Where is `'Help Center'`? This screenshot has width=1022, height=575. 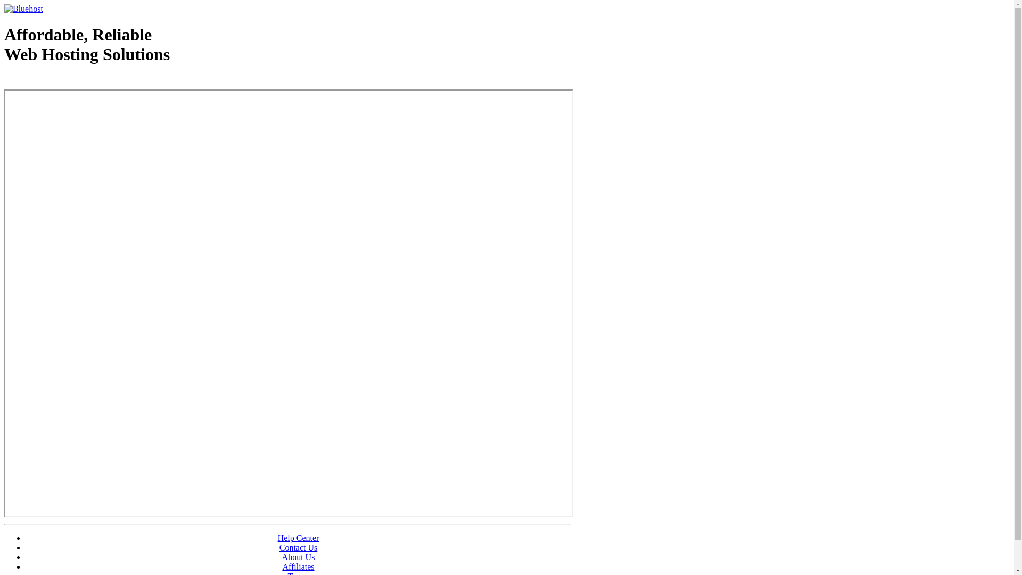 'Help Center' is located at coordinates (298, 538).